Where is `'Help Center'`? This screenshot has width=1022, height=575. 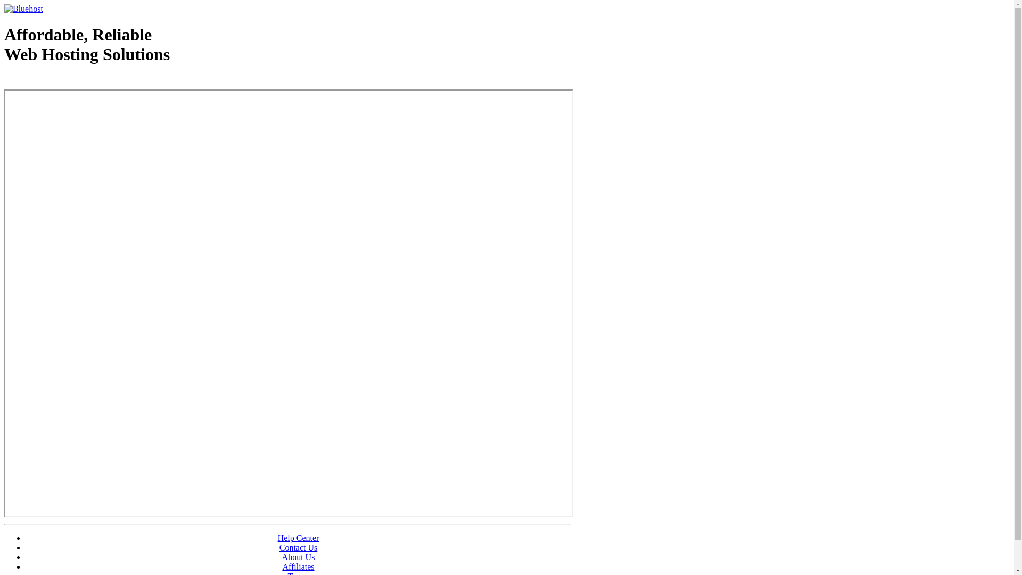 'Help Center' is located at coordinates (298, 538).